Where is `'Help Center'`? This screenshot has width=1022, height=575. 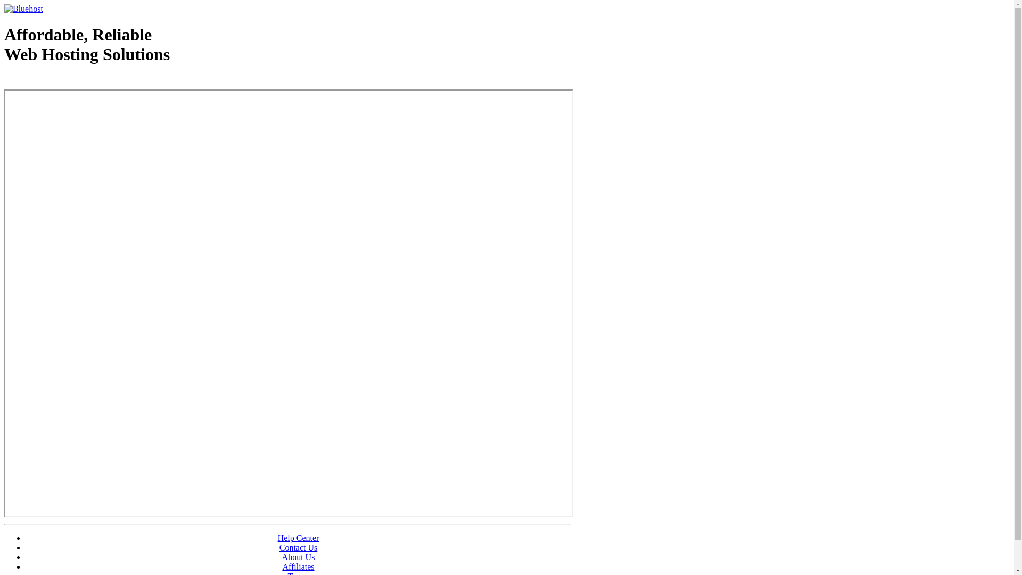 'Help Center' is located at coordinates (298, 538).